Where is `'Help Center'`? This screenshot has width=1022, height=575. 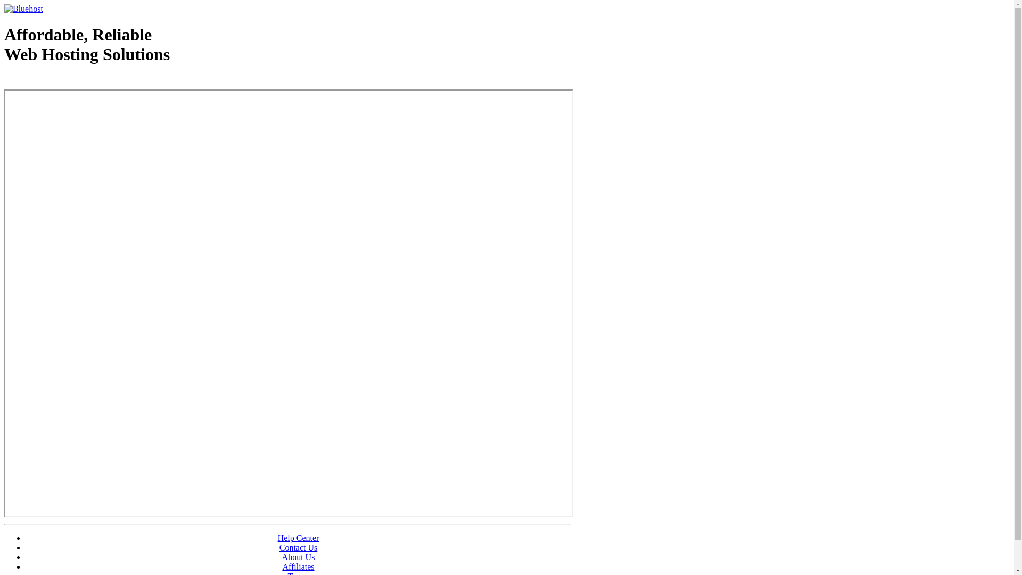 'Help Center' is located at coordinates (298, 538).